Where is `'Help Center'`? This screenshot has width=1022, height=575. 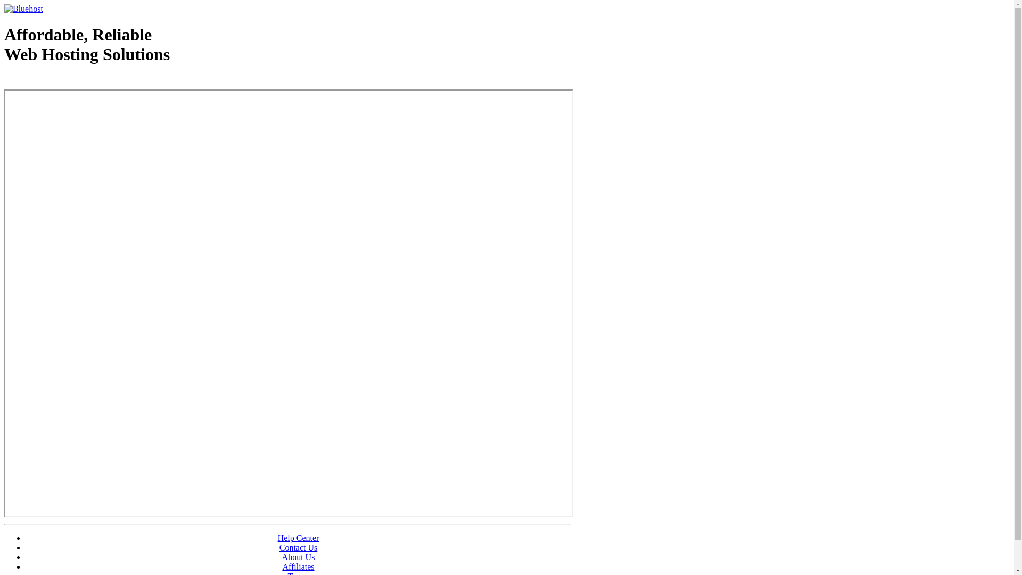 'Help Center' is located at coordinates (298, 538).